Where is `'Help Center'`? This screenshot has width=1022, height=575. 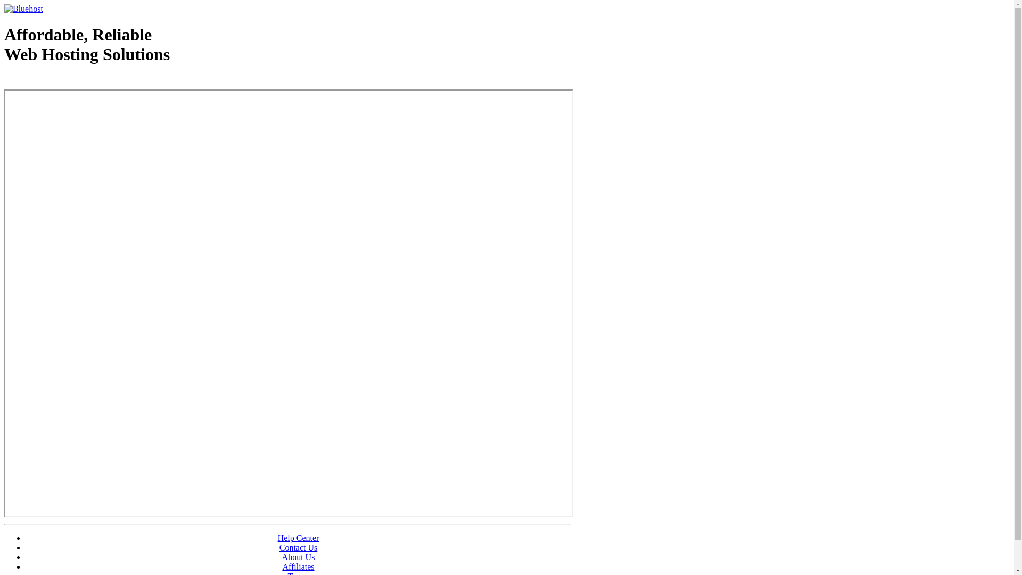 'Help Center' is located at coordinates (298, 538).